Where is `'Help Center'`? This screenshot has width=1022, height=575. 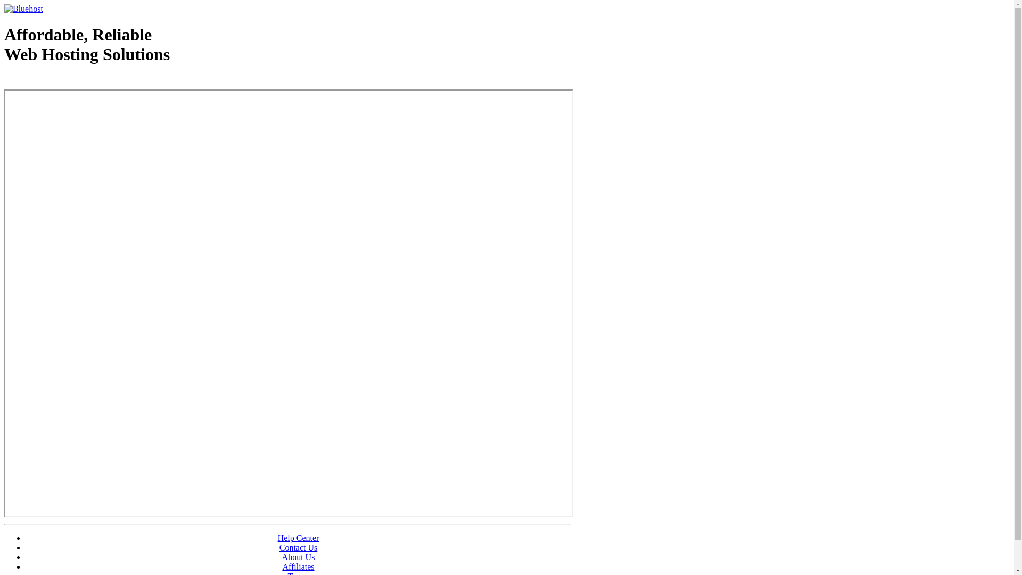 'Help Center' is located at coordinates (298, 538).